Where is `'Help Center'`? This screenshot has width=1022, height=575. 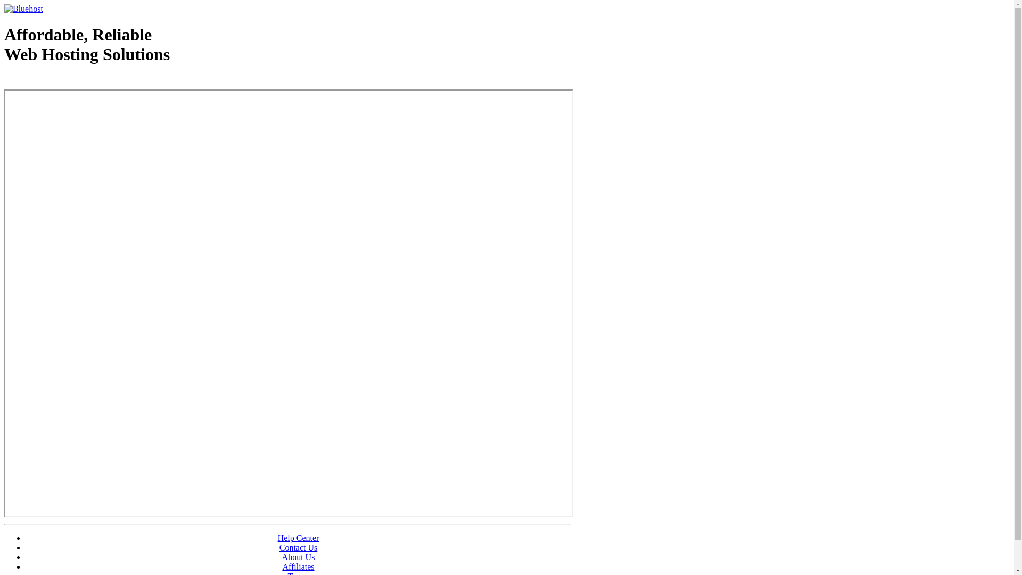 'Help Center' is located at coordinates (298, 538).